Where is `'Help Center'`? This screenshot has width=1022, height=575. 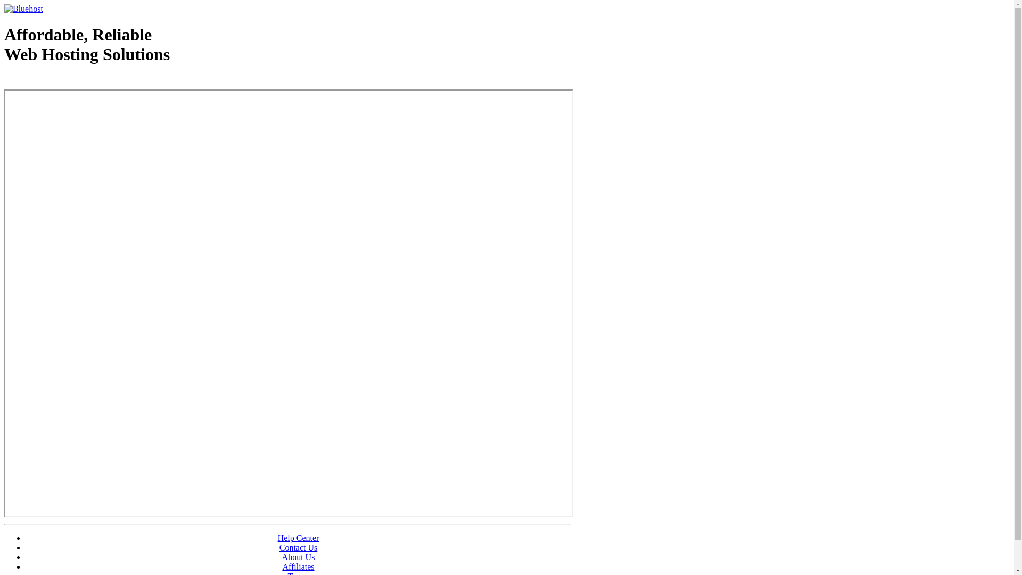 'Help Center' is located at coordinates (298, 538).